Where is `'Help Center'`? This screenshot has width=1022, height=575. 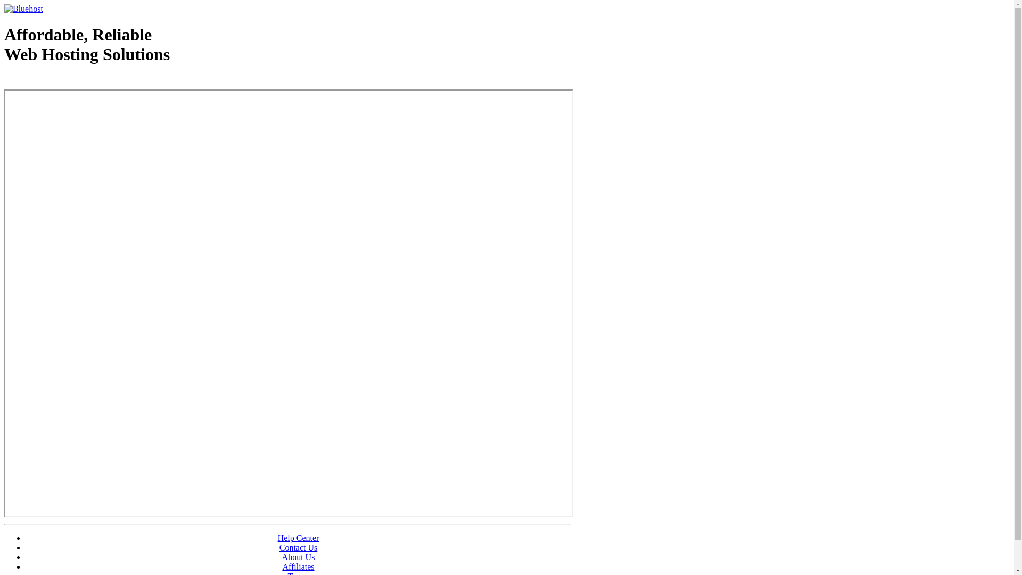 'Help Center' is located at coordinates (298, 538).